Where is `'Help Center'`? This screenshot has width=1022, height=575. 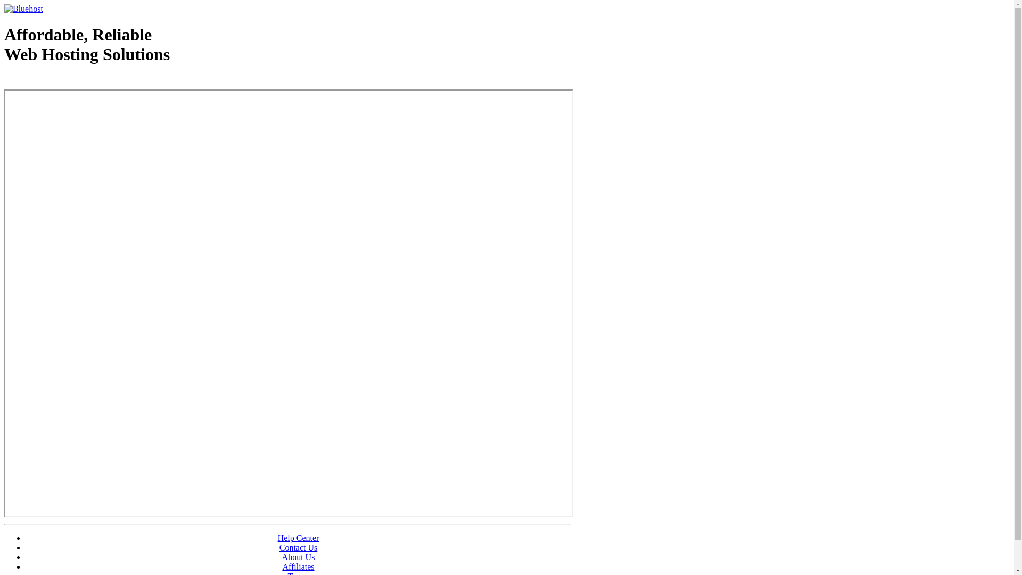 'Help Center' is located at coordinates (298, 538).